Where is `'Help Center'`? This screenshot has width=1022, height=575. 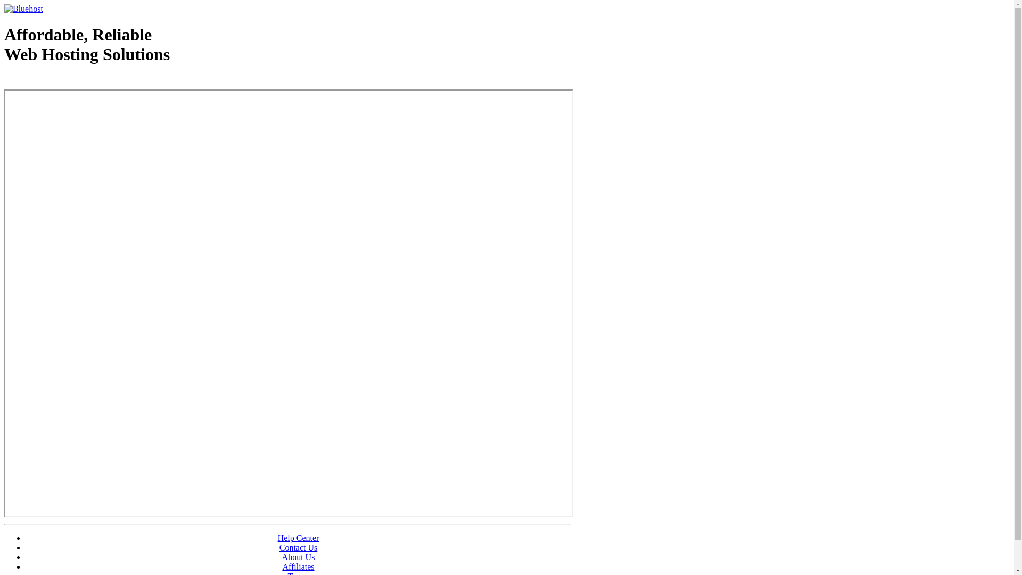 'Help Center' is located at coordinates (298, 538).